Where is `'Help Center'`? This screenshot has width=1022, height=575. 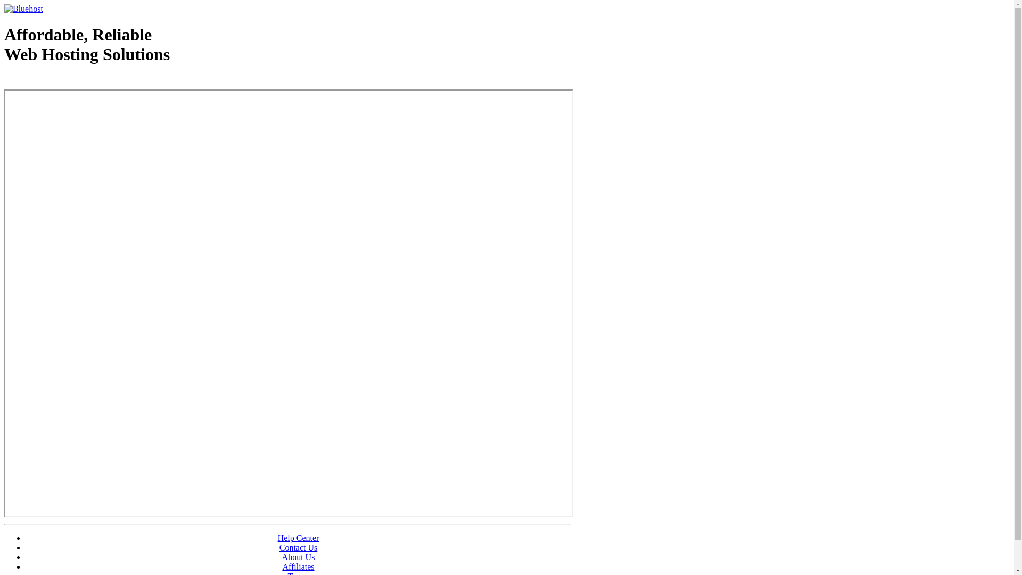 'Help Center' is located at coordinates (298, 538).